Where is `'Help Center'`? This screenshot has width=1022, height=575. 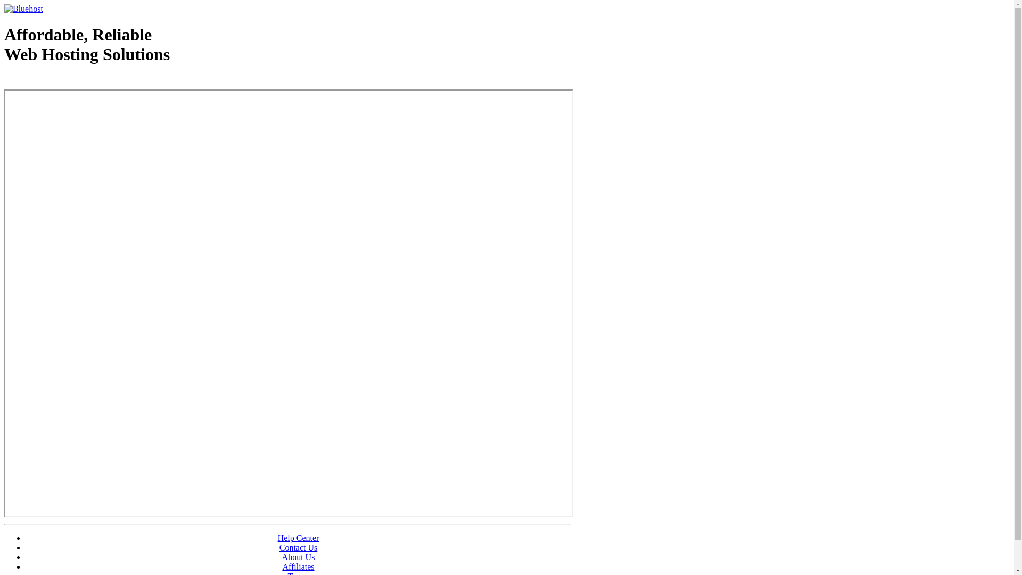 'Help Center' is located at coordinates (298, 538).